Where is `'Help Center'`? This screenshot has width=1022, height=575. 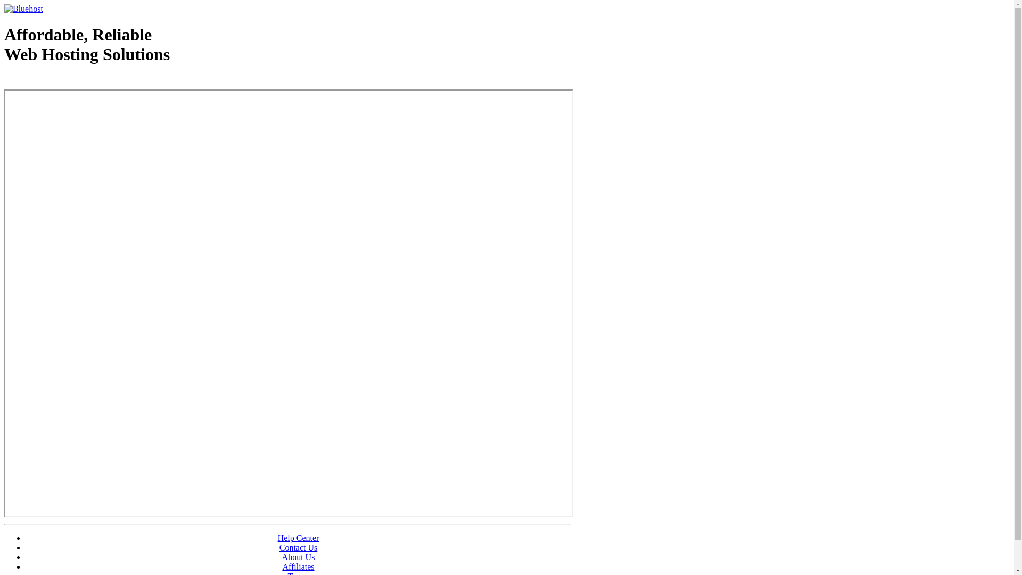 'Help Center' is located at coordinates (298, 538).